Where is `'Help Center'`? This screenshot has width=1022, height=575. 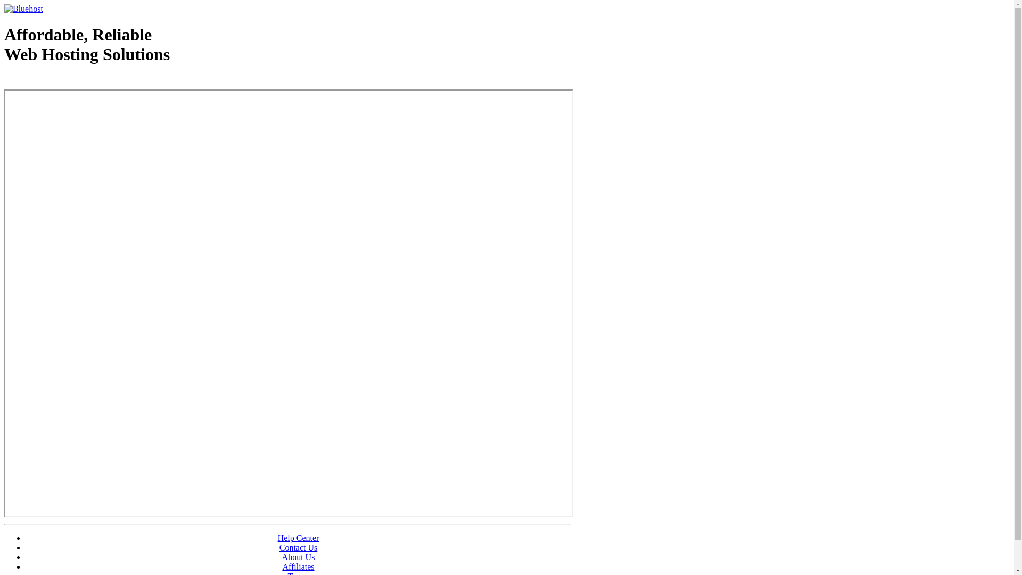 'Help Center' is located at coordinates (298, 538).